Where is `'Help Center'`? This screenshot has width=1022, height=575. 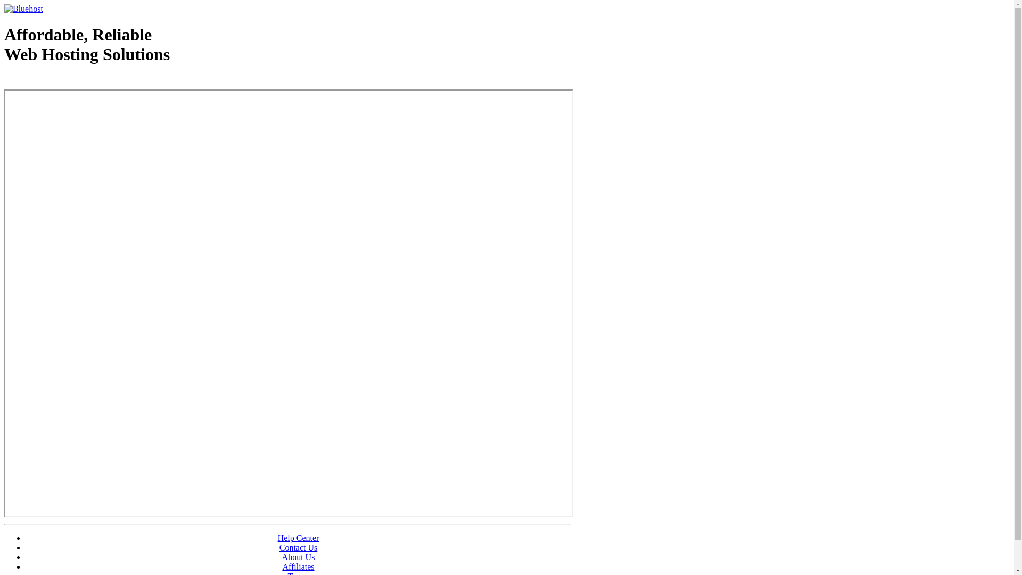 'Help Center' is located at coordinates (298, 538).